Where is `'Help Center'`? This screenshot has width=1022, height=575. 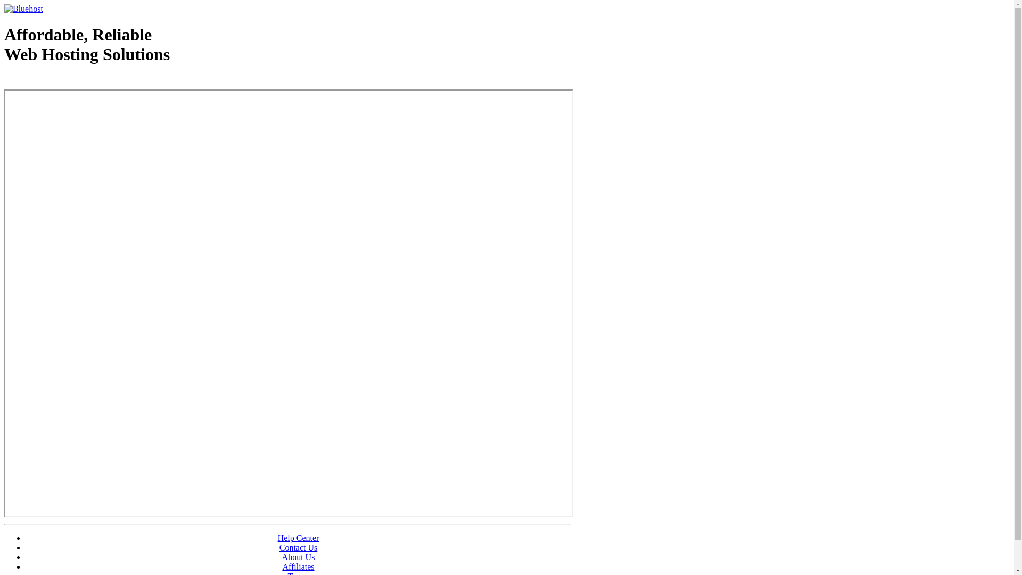 'Help Center' is located at coordinates (298, 538).